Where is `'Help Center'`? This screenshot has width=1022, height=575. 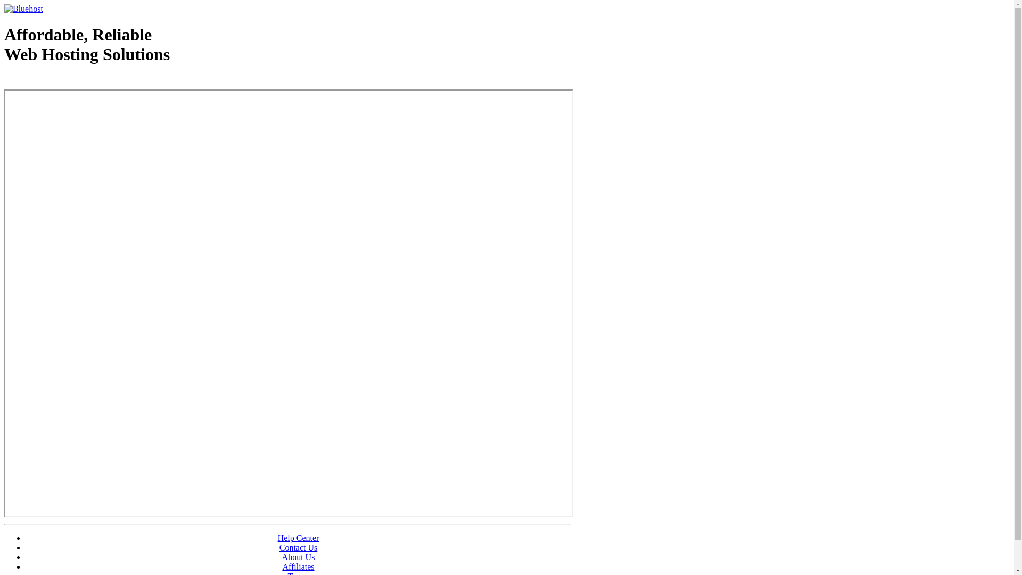 'Help Center' is located at coordinates (298, 538).